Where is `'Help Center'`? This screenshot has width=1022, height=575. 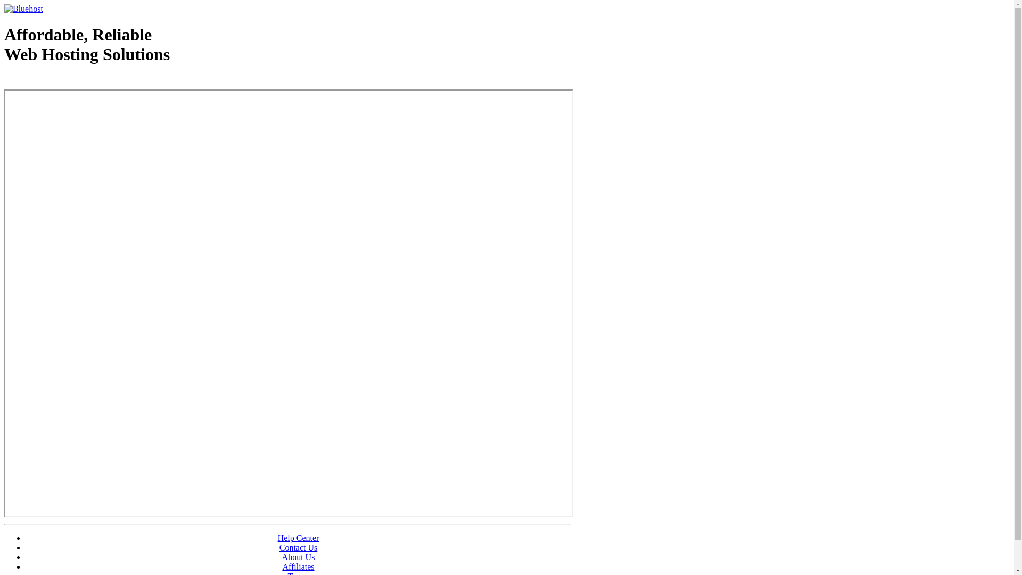 'Help Center' is located at coordinates (298, 538).